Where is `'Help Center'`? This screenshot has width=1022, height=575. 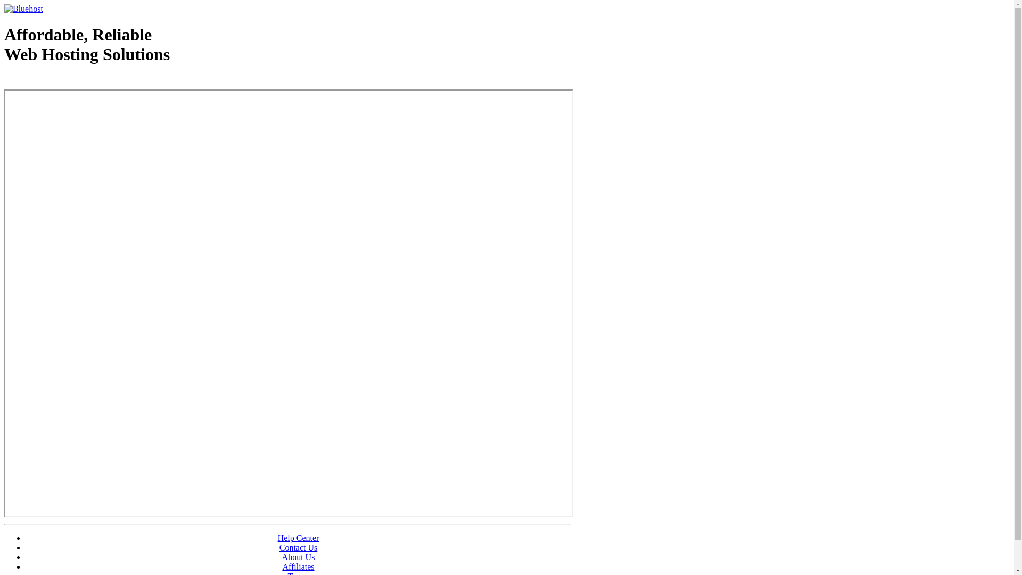 'Help Center' is located at coordinates (298, 538).